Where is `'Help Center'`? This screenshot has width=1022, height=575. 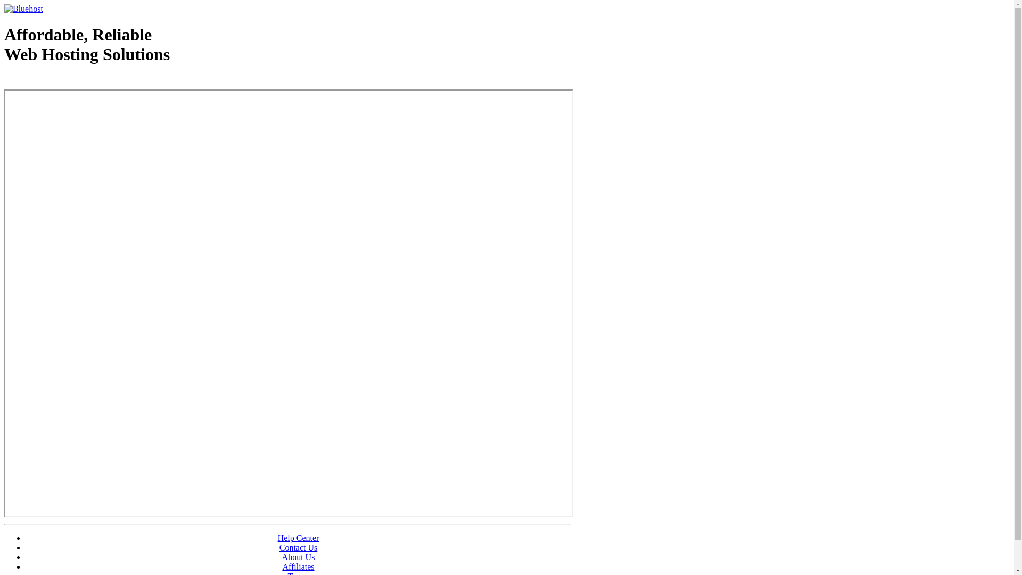 'Help Center' is located at coordinates (298, 538).